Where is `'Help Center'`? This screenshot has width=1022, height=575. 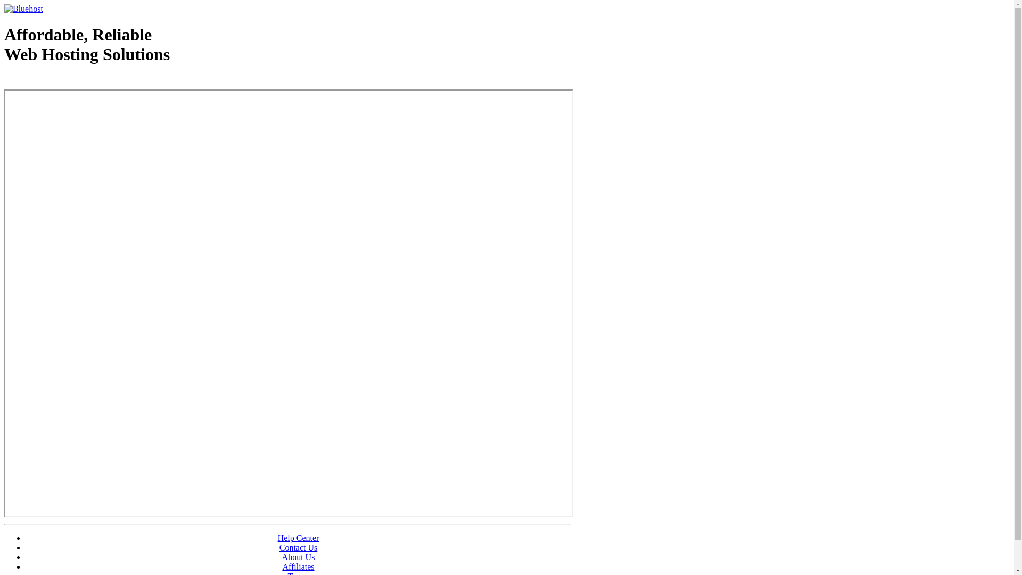 'Help Center' is located at coordinates (298, 538).